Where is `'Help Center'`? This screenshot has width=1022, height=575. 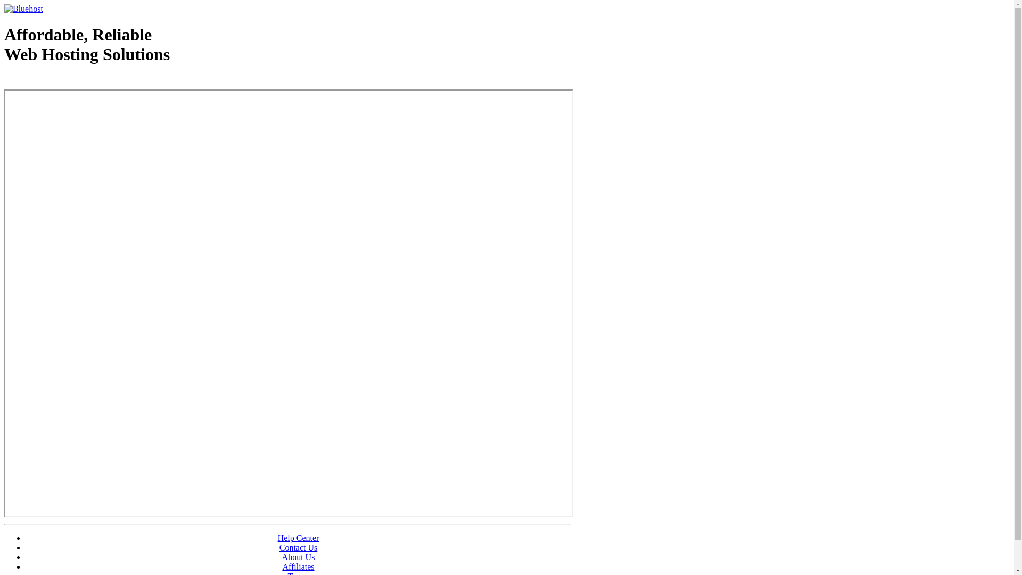 'Help Center' is located at coordinates (298, 538).